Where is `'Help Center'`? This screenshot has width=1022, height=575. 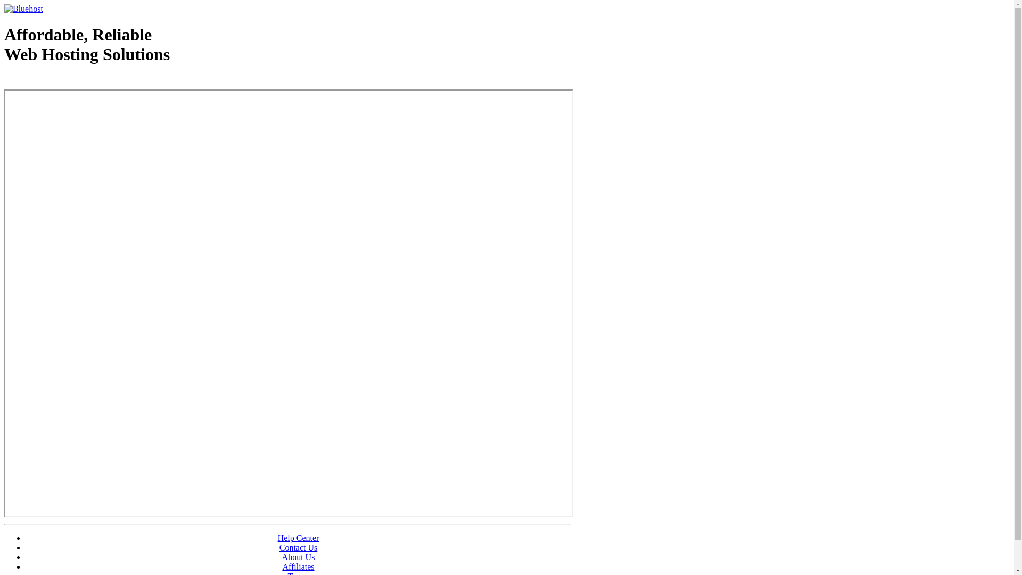 'Help Center' is located at coordinates (298, 538).